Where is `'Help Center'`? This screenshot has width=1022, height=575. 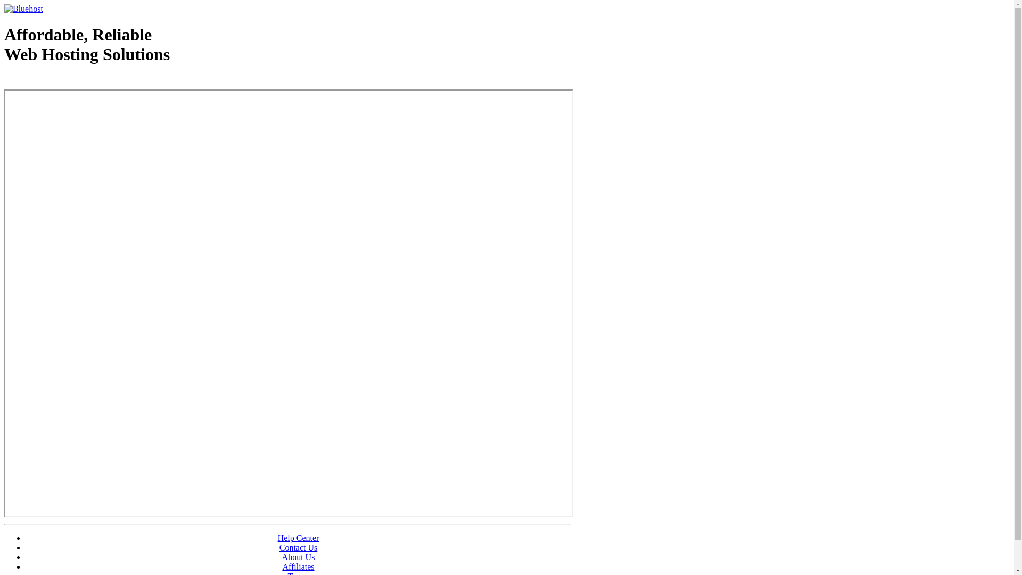 'Help Center' is located at coordinates (298, 538).